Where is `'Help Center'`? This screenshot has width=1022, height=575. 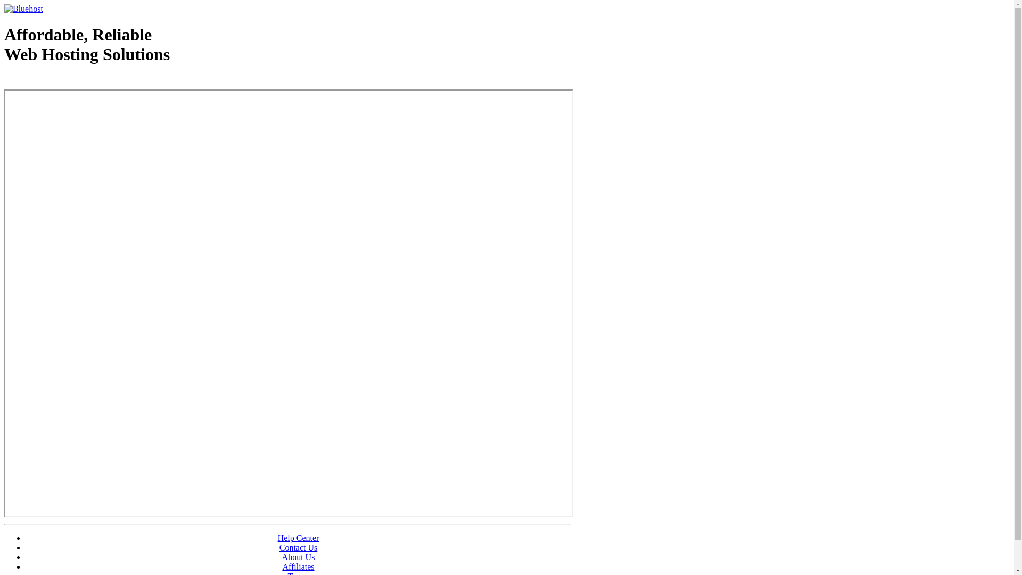 'Help Center' is located at coordinates (298, 538).